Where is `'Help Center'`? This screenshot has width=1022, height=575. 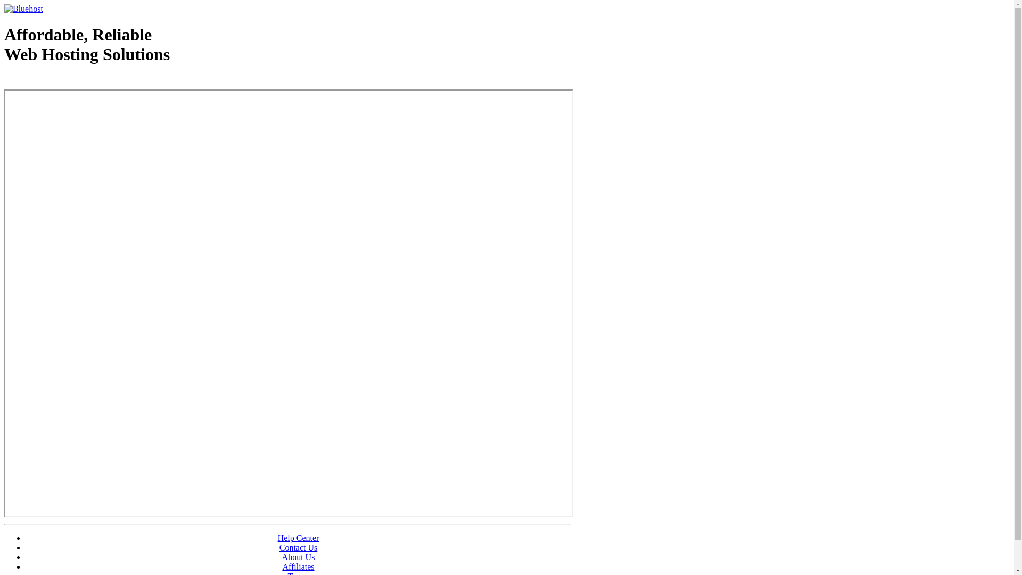 'Help Center' is located at coordinates (298, 538).